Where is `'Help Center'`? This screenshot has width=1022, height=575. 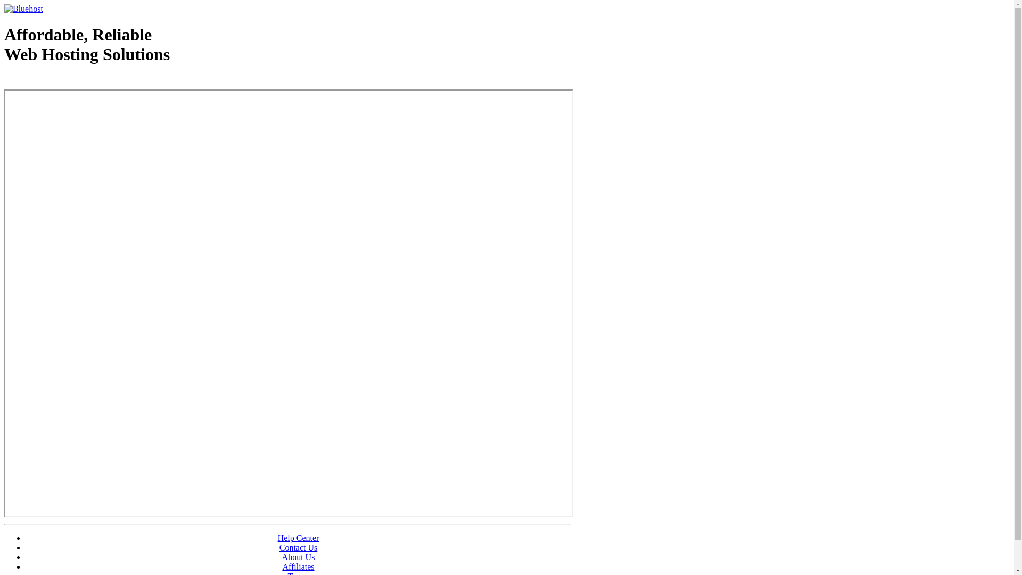 'Help Center' is located at coordinates (298, 538).